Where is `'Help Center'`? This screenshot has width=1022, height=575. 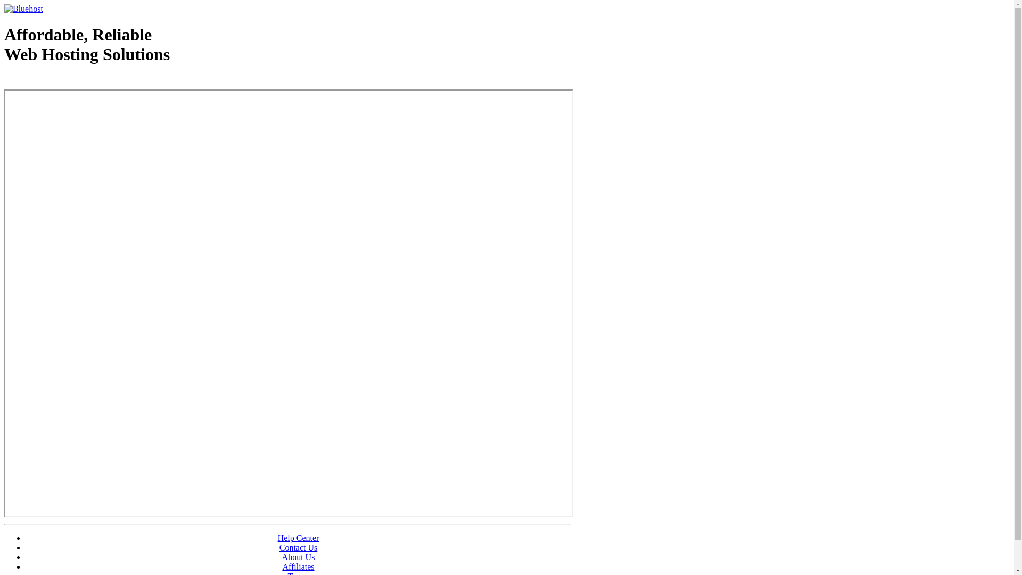 'Help Center' is located at coordinates (298, 538).